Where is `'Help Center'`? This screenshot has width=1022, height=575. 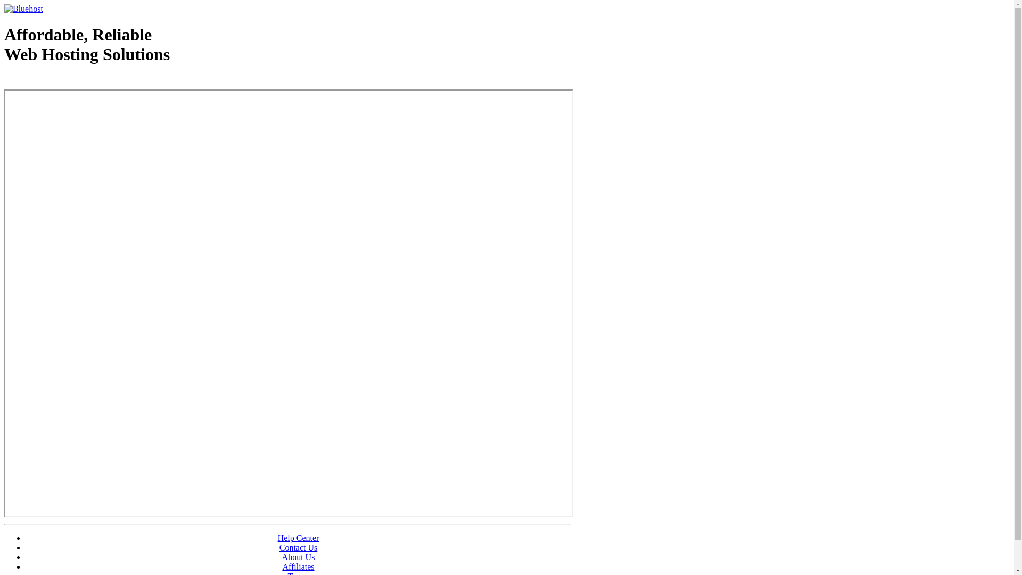 'Help Center' is located at coordinates (298, 538).